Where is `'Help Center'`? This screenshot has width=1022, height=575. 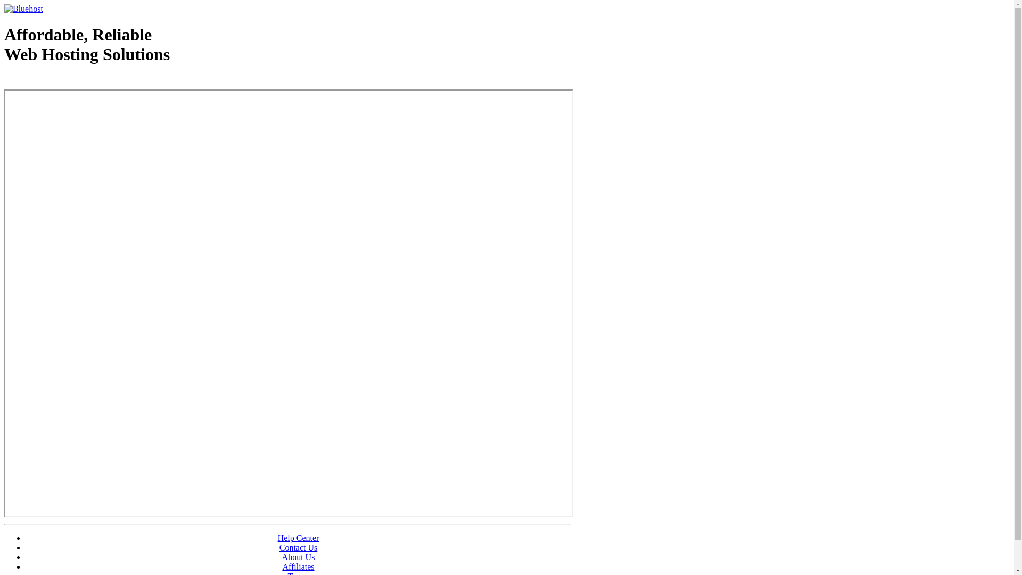 'Help Center' is located at coordinates (298, 538).